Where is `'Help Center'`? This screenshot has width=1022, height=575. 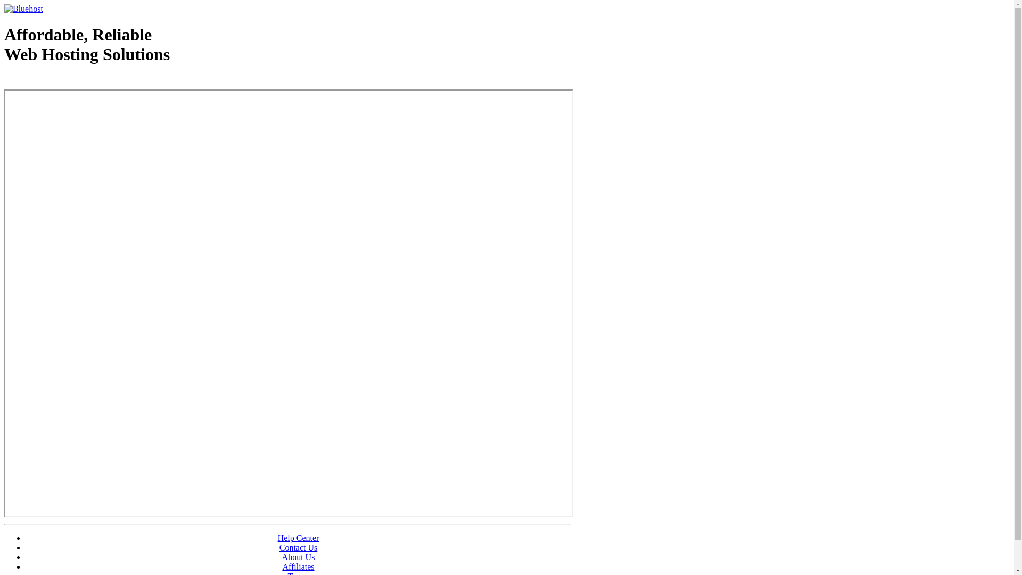 'Help Center' is located at coordinates (298, 538).